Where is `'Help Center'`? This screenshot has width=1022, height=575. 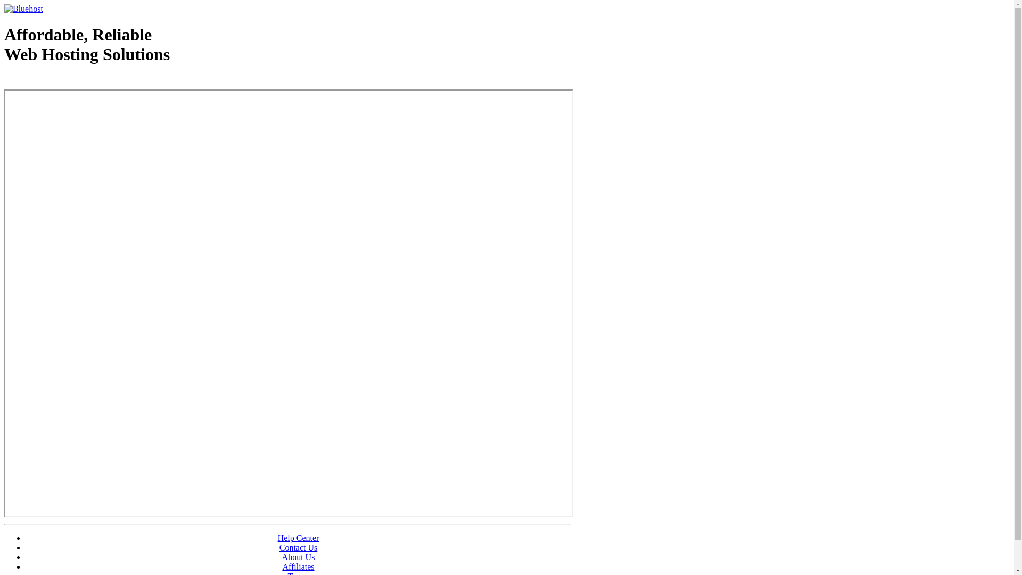 'Help Center' is located at coordinates (298, 538).